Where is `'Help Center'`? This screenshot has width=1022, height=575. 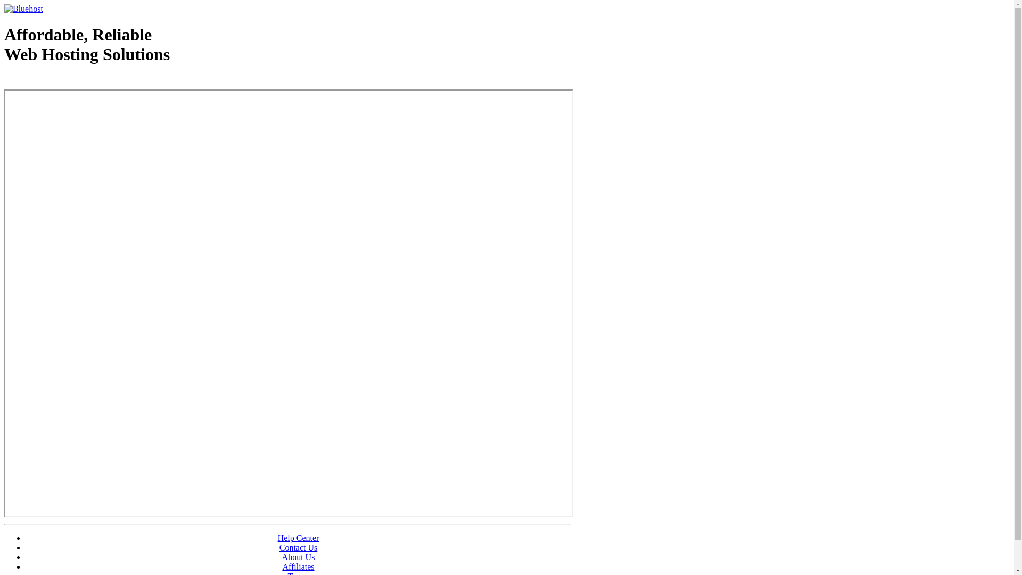 'Help Center' is located at coordinates (298, 538).